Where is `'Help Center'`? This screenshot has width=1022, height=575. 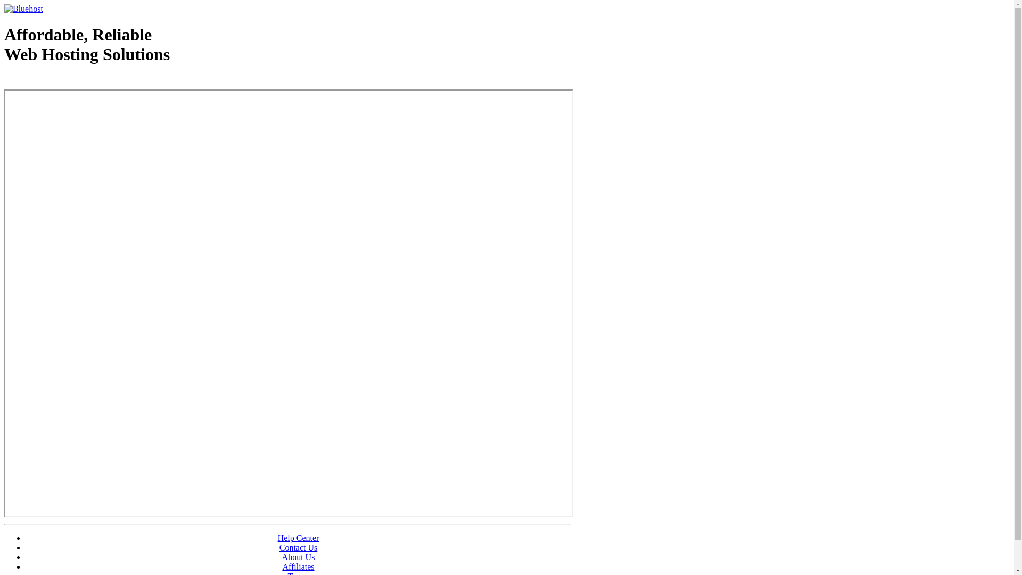 'Help Center' is located at coordinates (298, 538).